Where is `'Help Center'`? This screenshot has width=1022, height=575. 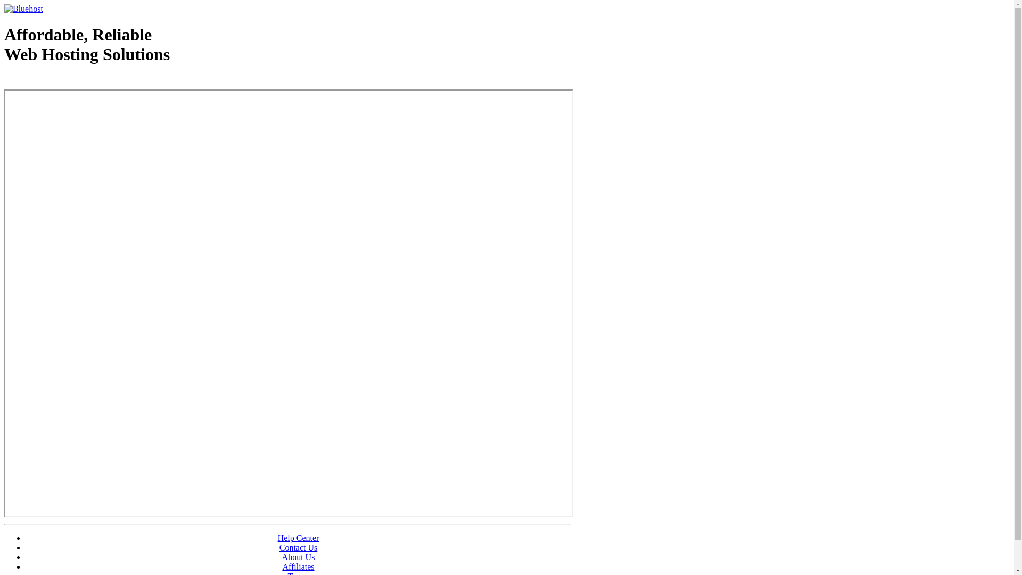 'Help Center' is located at coordinates (298, 538).